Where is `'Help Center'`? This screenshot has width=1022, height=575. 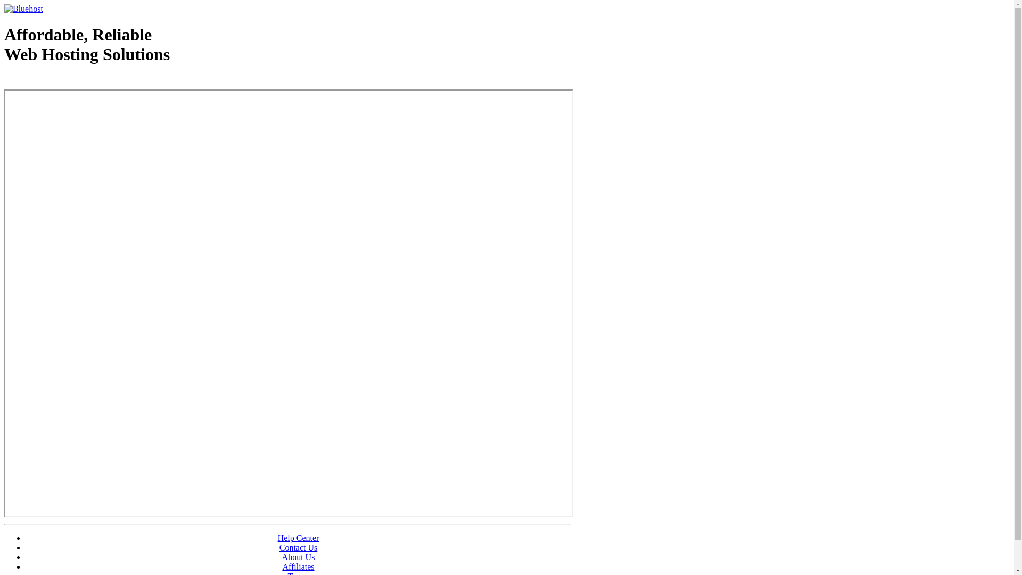 'Help Center' is located at coordinates (298, 538).